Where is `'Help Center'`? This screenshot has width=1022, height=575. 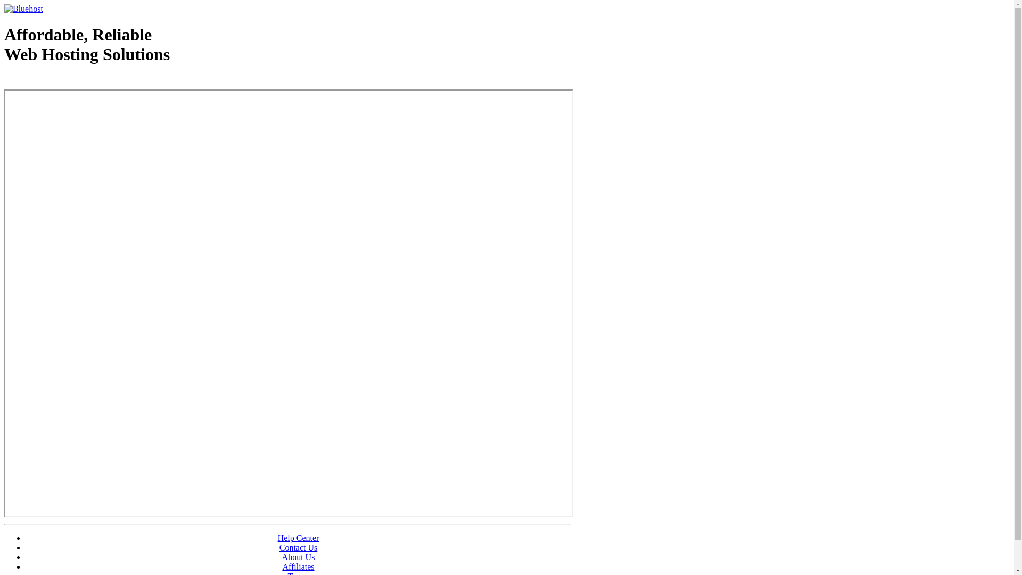 'Help Center' is located at coordinates (298, 538).